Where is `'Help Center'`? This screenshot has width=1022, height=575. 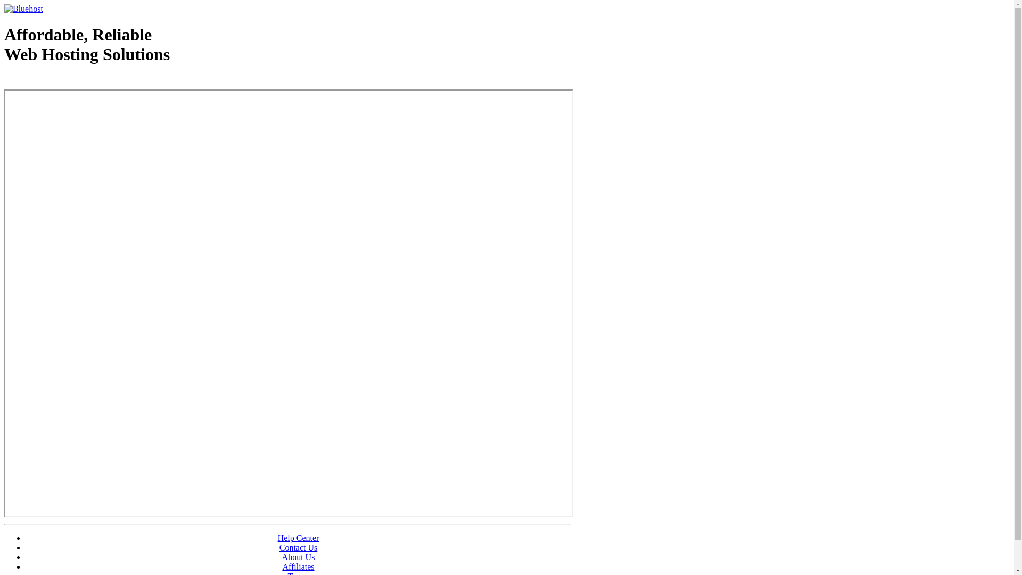 'Help Center' is located at coordinates (298, 538).